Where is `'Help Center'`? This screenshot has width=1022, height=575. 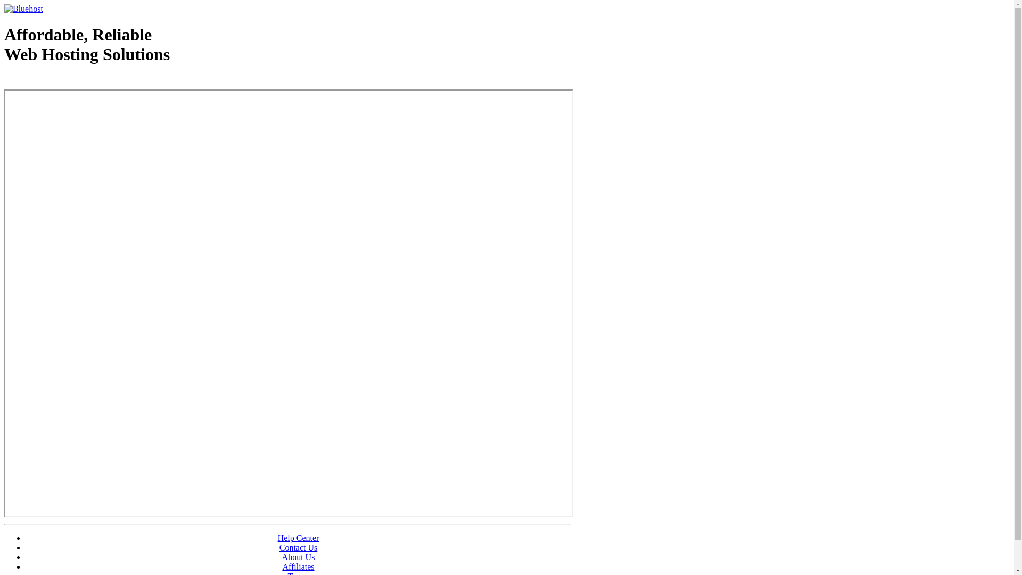 'Help Center' is located at coordinates (298, 538).